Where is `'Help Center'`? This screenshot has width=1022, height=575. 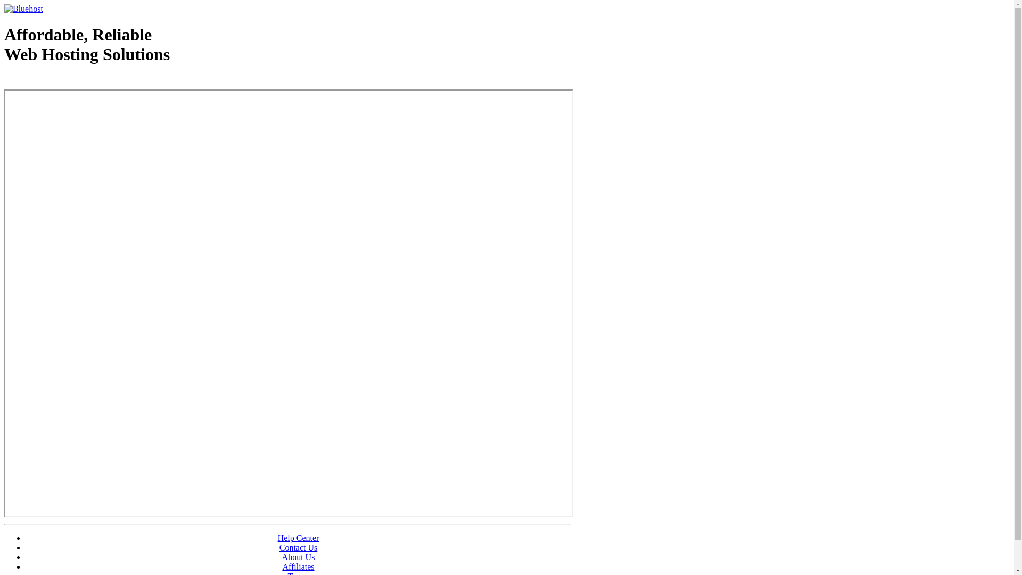 'Help Center' is located at coordinates (298, 538).